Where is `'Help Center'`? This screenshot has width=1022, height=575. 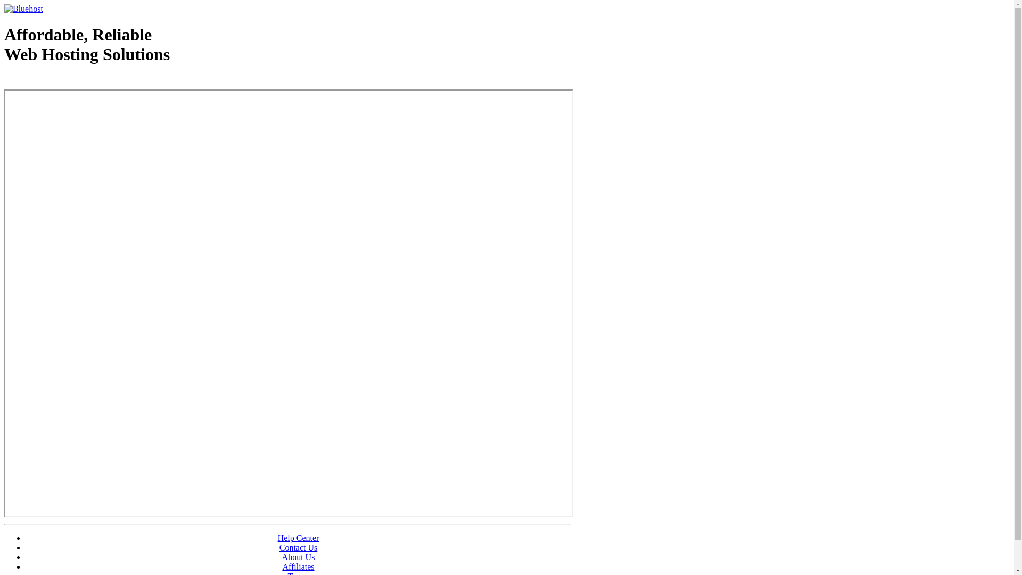 'Help Center' is located at coordinates (298, 538).